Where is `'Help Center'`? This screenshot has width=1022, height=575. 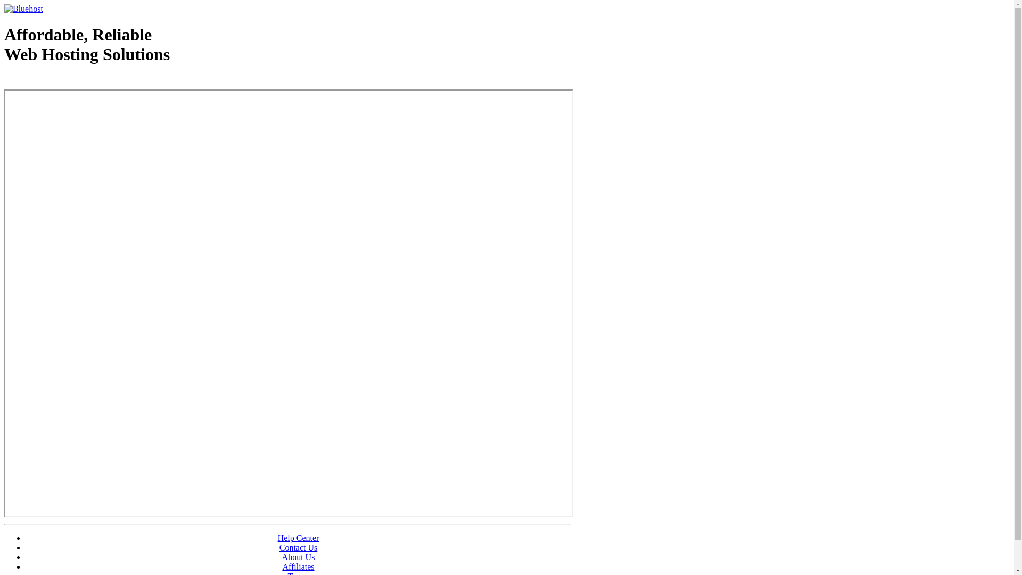 'Help Center' is located at coordinates (298, 538).